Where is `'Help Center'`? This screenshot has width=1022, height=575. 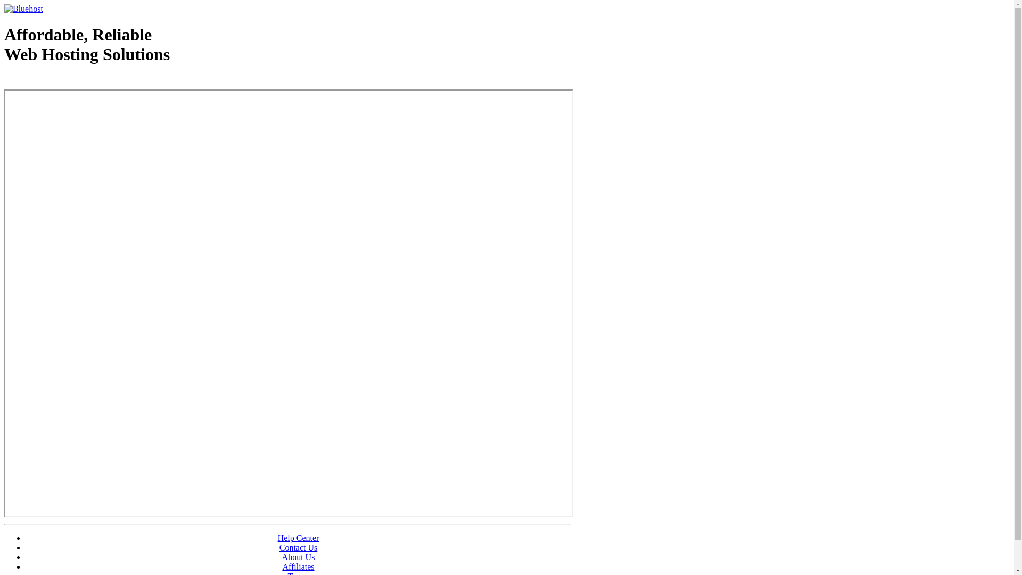 'Help Center' is located at coordinates (298, 538).